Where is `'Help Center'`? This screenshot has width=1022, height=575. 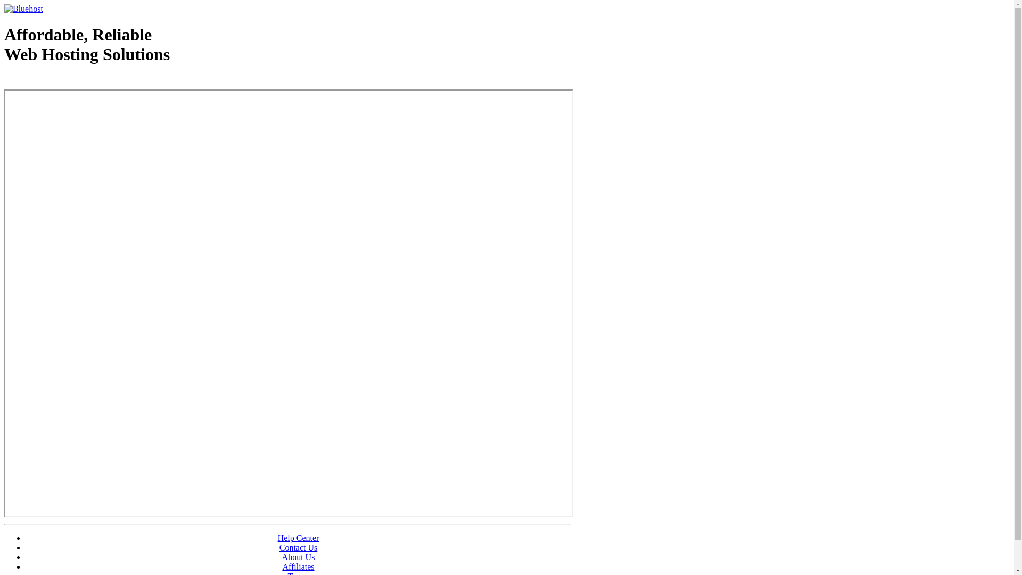 'Help Center' is located at coordinates (298, 538).